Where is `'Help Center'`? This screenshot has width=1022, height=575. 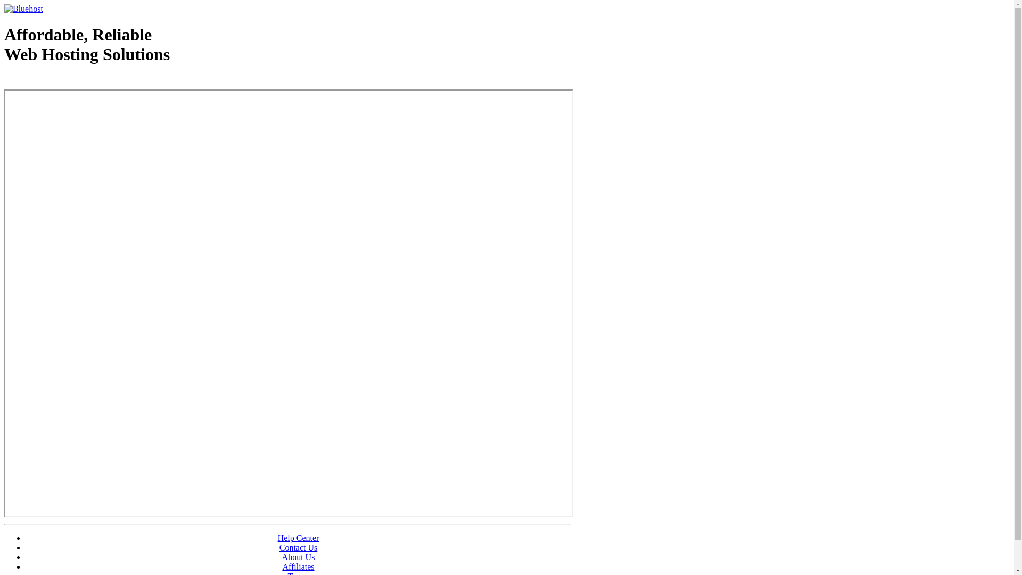 'Help Center' is located at coordinates (298, 538).